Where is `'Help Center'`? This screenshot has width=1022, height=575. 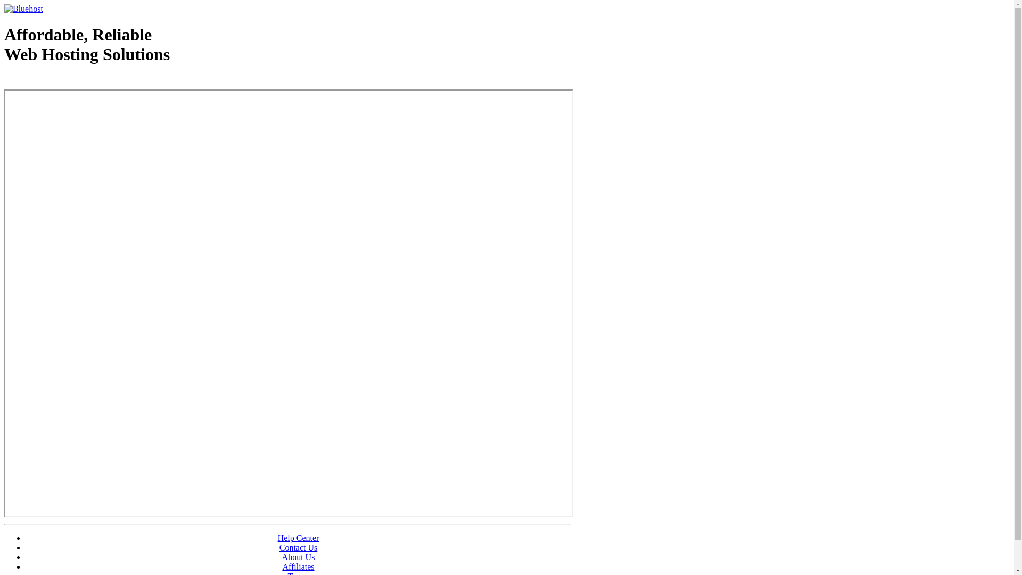 'Help Center' is located at coordinates (298, 538).